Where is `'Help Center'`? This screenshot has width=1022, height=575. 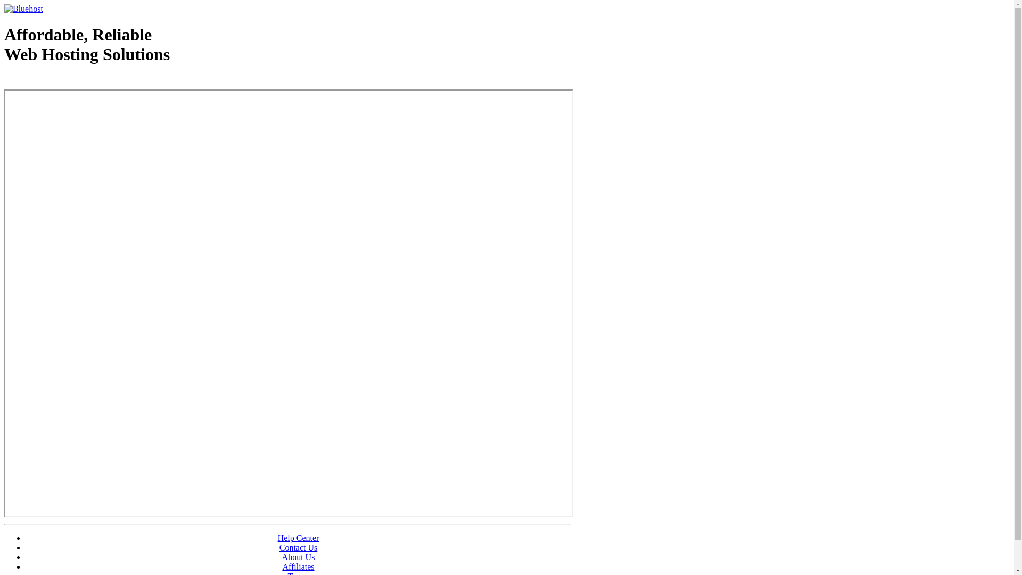 'Help Center' is located at coordinates (298, 538).